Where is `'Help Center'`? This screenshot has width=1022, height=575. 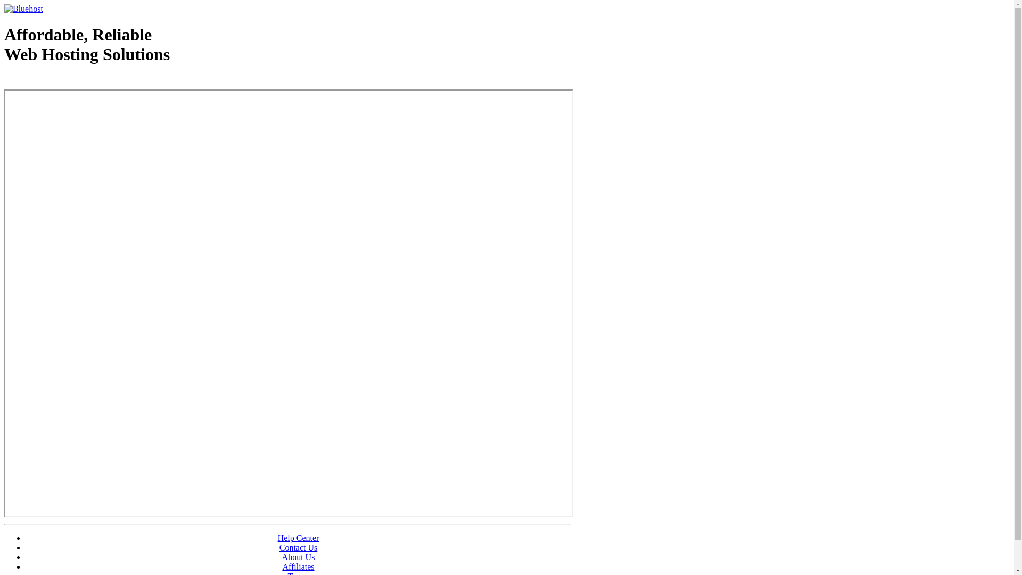 'Help Center' is located at coordinates (298, 538).